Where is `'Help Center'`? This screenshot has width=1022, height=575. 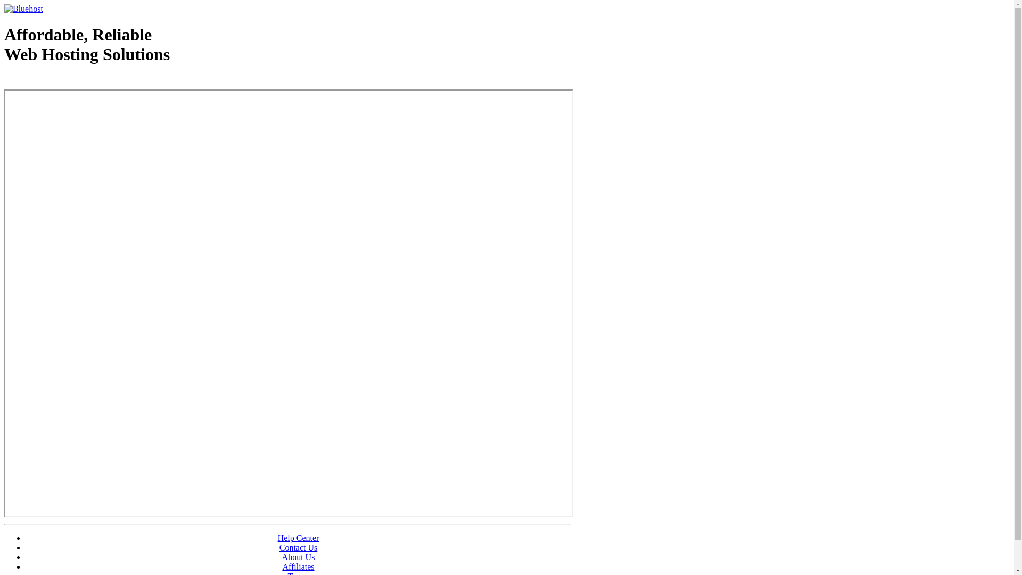 'Help Center' is located at coordinates (298, 538).